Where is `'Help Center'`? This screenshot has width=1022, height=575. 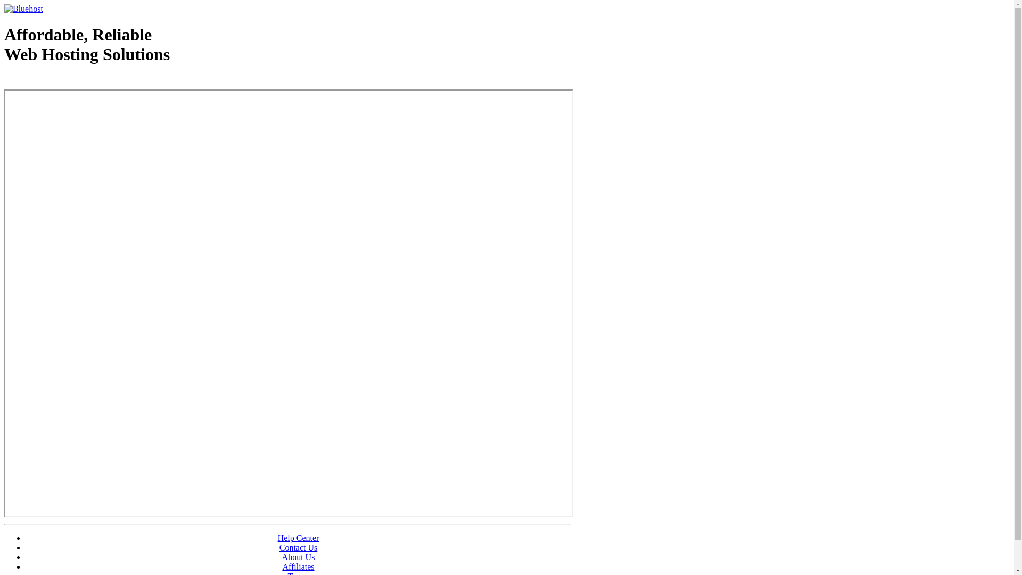 'Help Center' is located at coordinates (298, 538).